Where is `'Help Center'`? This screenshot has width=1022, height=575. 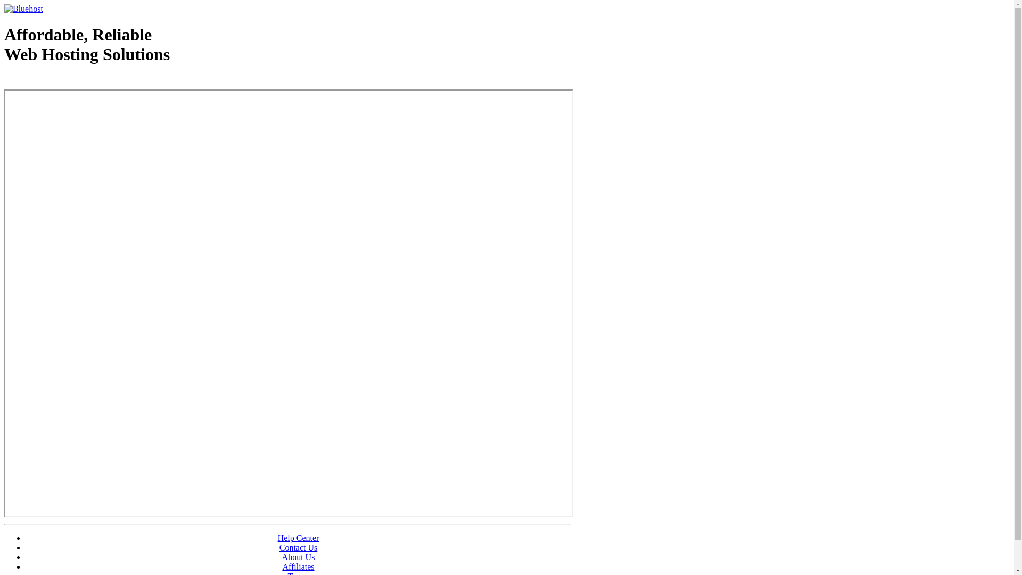 'Help Center' is located at coordinates (298, 538).